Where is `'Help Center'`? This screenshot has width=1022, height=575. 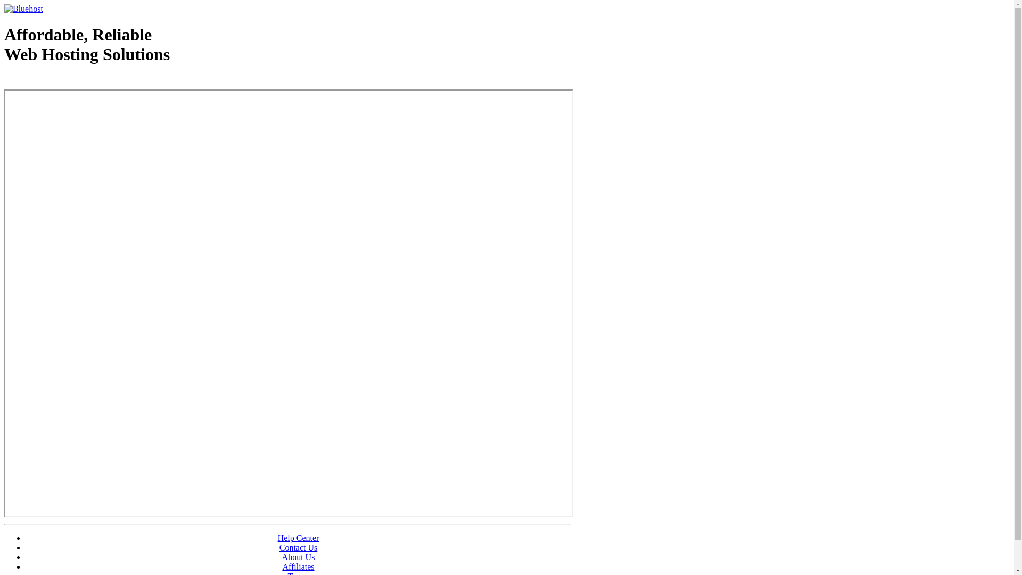 'Help Center' is located at coordinates (298, 538).